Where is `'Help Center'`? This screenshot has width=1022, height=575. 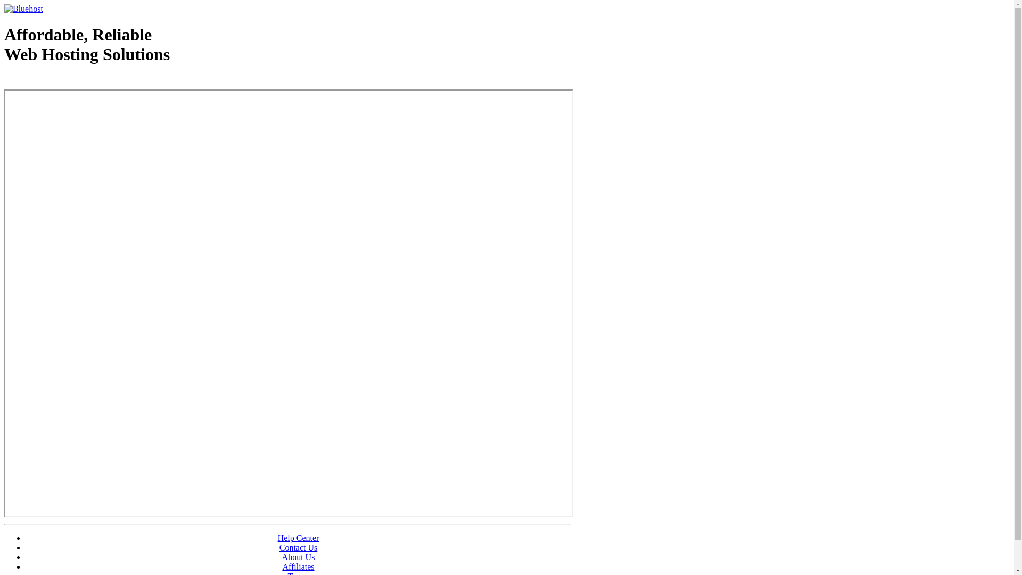 'Help Center' is located at coordinates (298, 538).